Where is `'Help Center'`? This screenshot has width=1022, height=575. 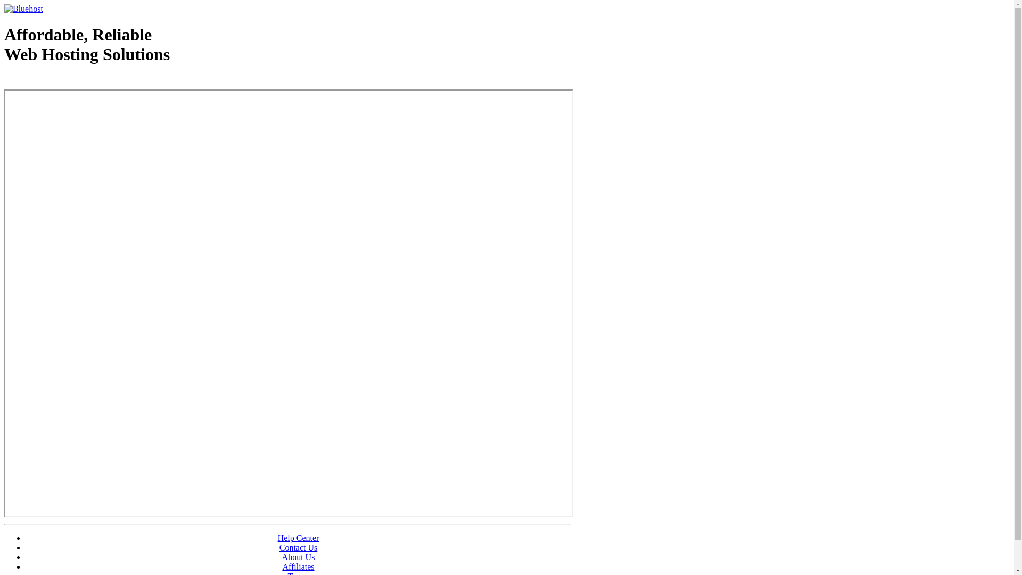 'Help Center' is located at coordinates (298, 538).